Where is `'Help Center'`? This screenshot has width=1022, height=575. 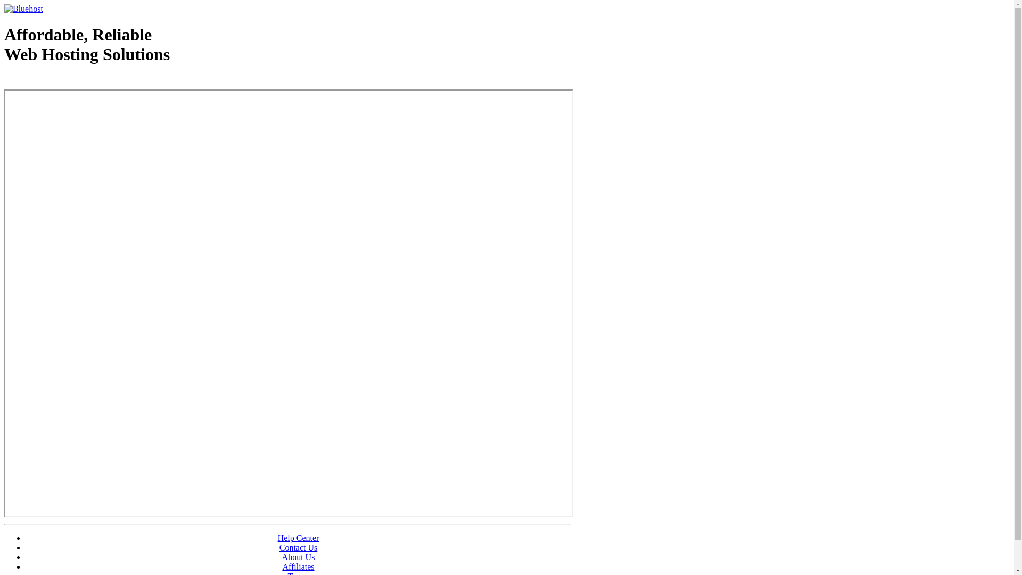 'Help Center' is located at coordinates (298, 538).